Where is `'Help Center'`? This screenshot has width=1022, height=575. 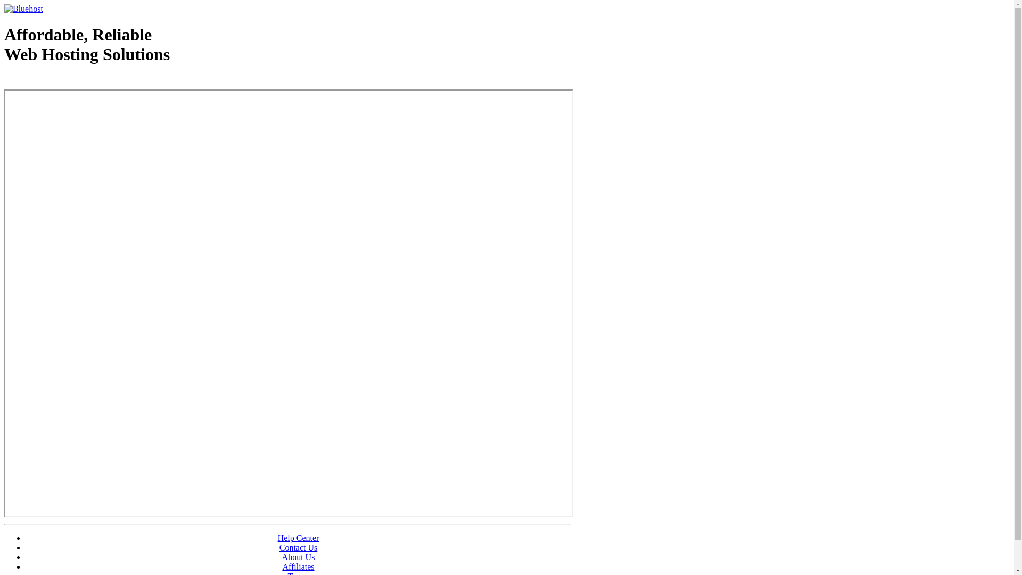 'Help Center' is located at coordinates (298, 538).